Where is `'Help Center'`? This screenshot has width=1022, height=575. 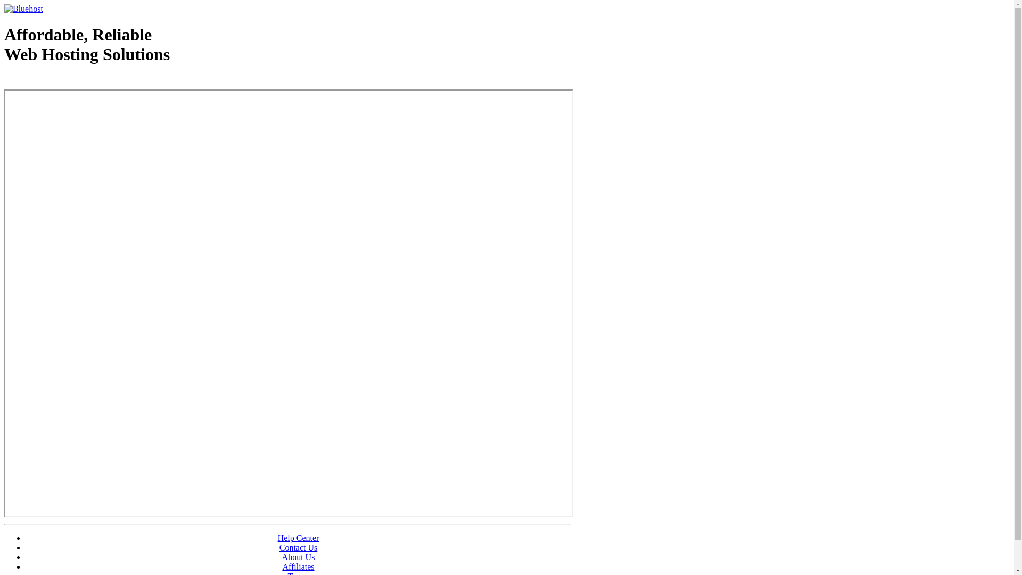 'Help Center' is located at coordinates (298, 538).